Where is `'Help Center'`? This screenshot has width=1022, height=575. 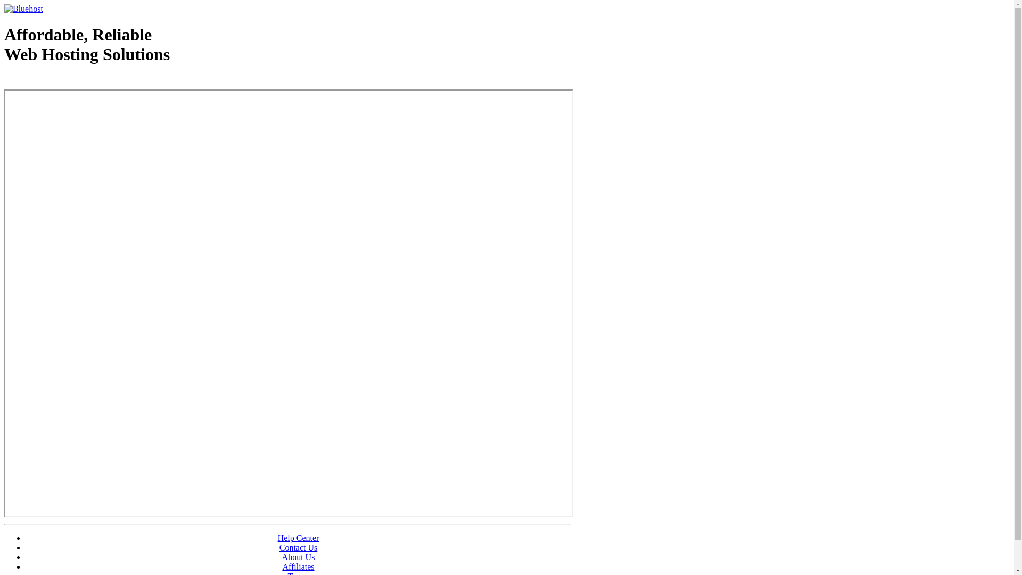 'Help Center' is located at coordinates (298, 538).